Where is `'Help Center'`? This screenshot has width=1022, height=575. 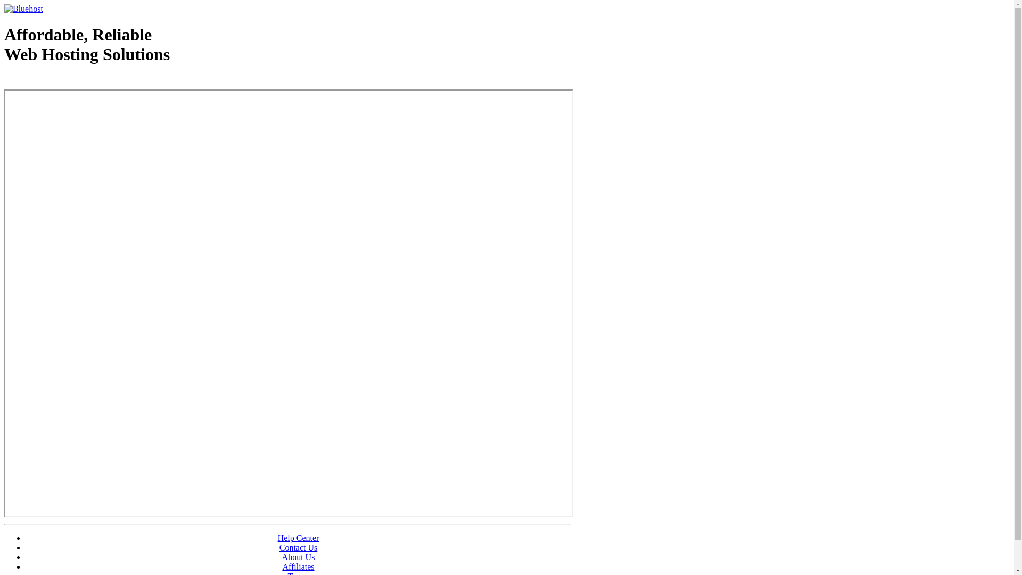 'Help Center' is located at coordinates (298, 538).